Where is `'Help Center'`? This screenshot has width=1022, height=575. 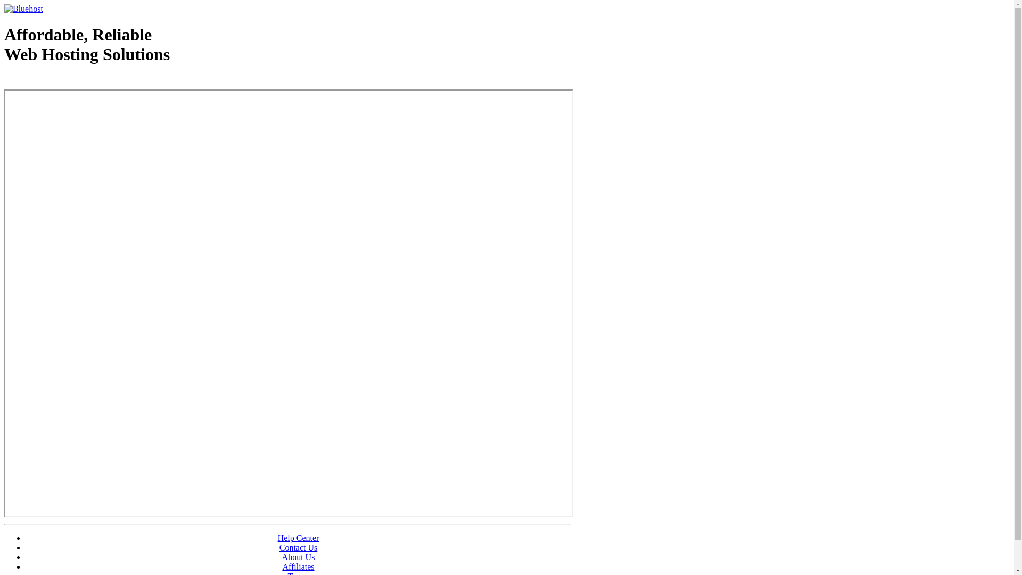 'Help Center' is located at coordinates (298, 538).